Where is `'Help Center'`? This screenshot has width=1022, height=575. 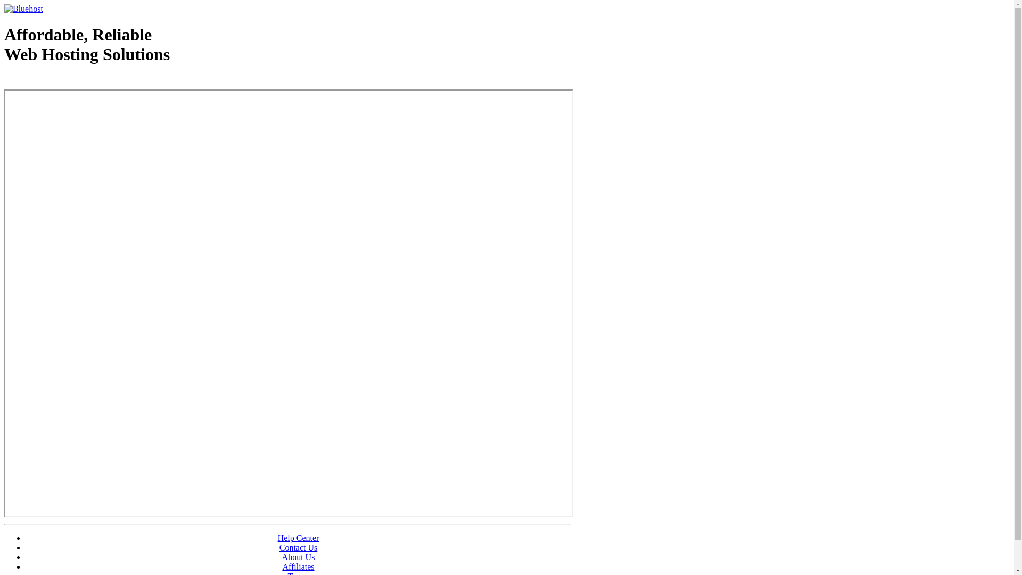 'Help Center' is located at coordinates (298, 538).